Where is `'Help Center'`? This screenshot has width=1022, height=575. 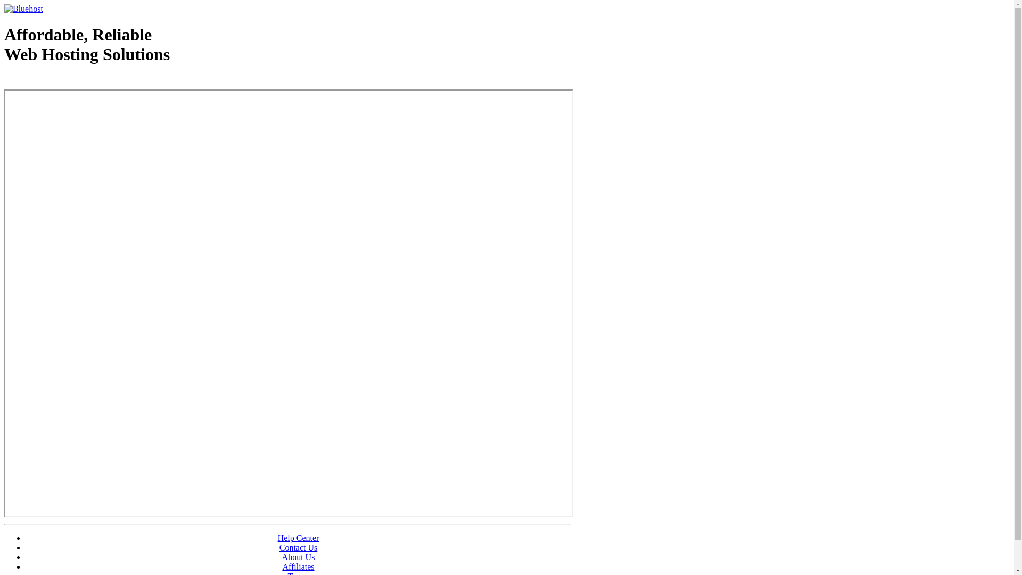 'Help Center' is located at coordinates (298, 538).